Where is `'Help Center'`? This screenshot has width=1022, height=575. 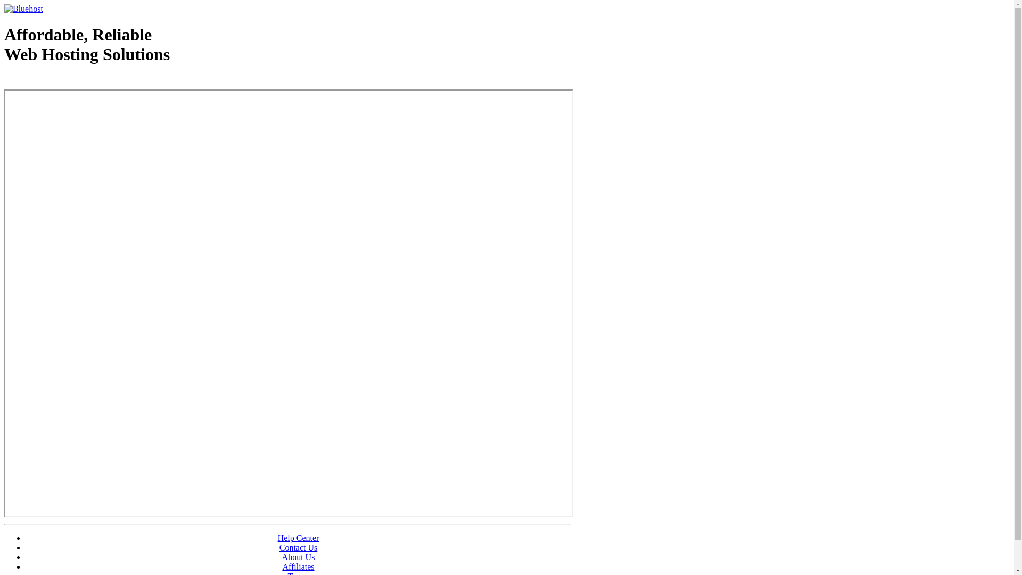 'Help Center' is located at coordinates (298, 538).